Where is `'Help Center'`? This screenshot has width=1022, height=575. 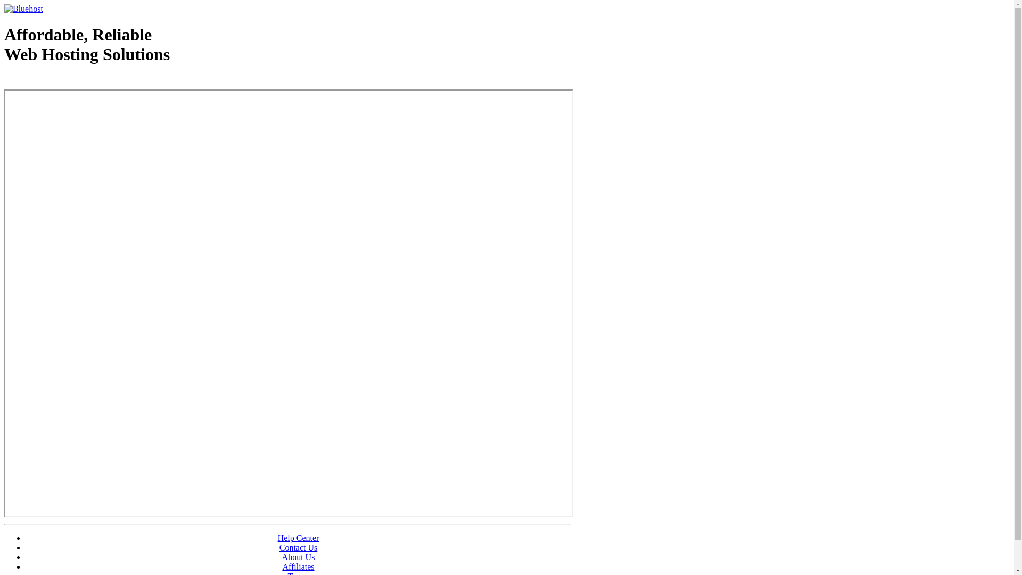 'Help Center' is located at coordinates (298, 538).